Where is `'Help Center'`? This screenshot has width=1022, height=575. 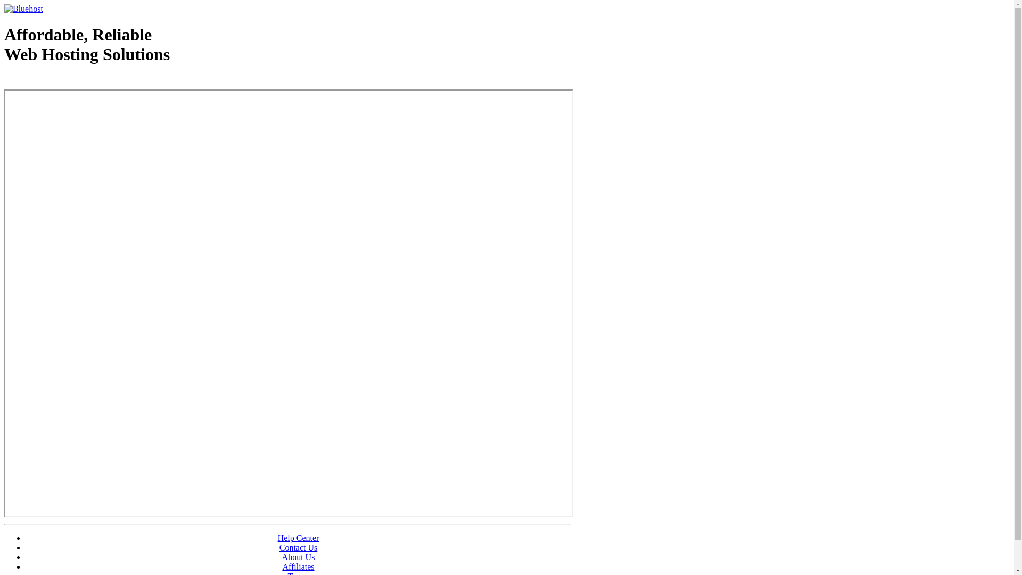 'Help Center' is located at coordinates (298, 538).